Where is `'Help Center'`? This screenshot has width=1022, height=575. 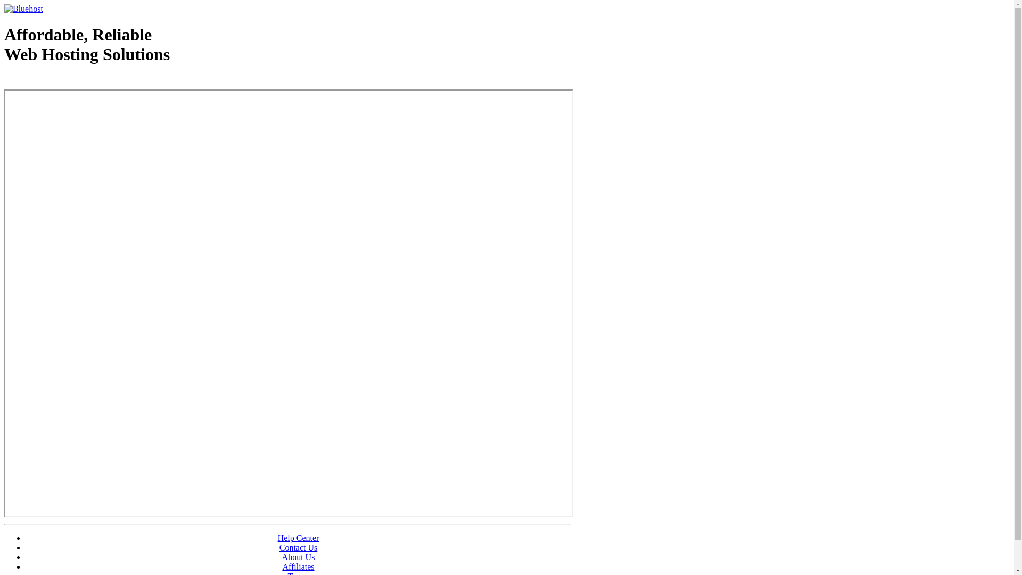 'Help Center' is located at coordinates (298, 538).